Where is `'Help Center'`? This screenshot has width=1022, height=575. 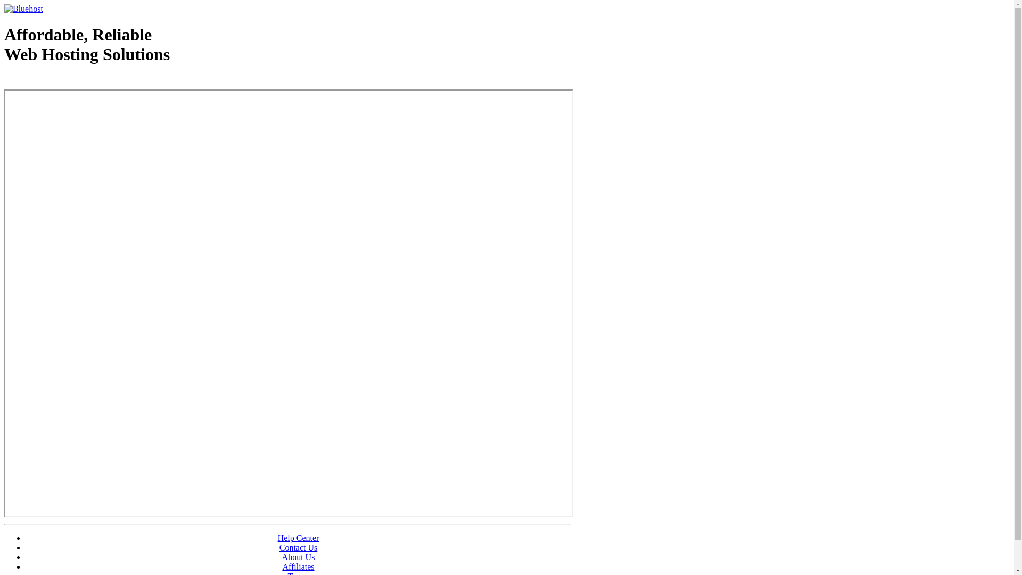 'Help Center' is located at coordinates (298, 538).